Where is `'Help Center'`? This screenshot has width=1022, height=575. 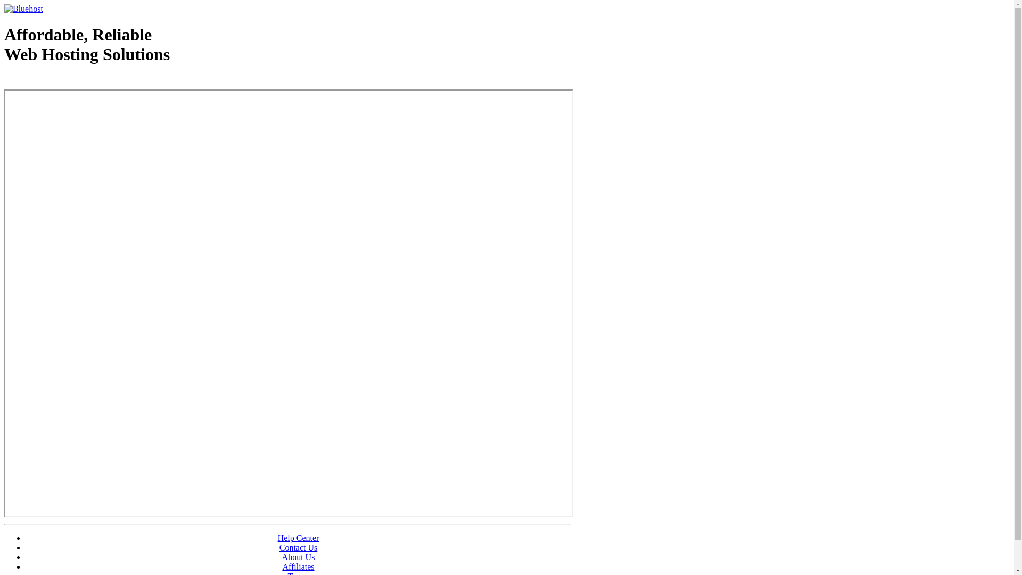 'Help Center' is located at coordinates (298, 538).